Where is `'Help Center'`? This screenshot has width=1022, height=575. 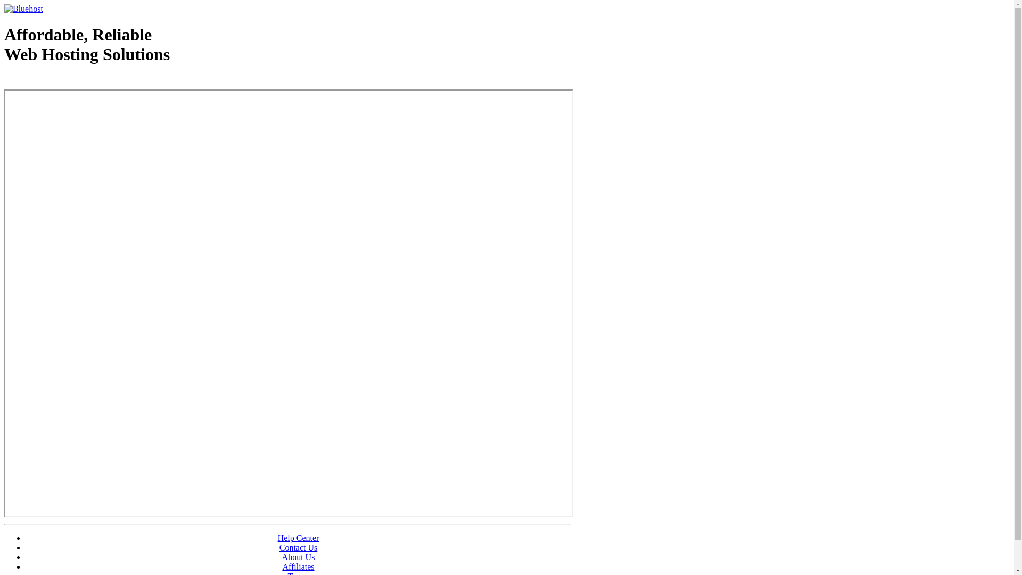 'Help Center' is located at coordinates (298, 538).